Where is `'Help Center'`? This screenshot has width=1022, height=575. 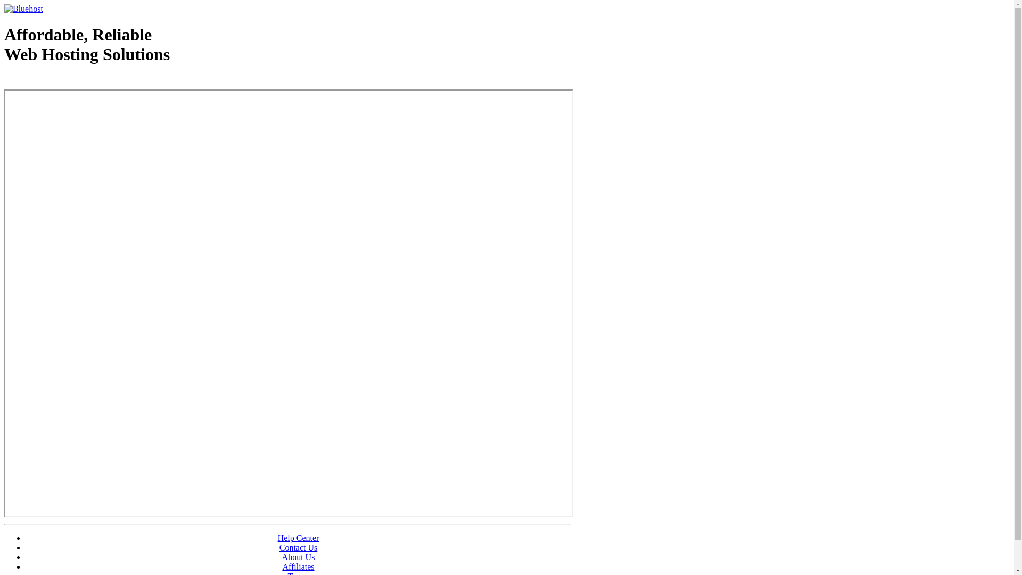 'Help Center' is located at coordinates (298, 538).